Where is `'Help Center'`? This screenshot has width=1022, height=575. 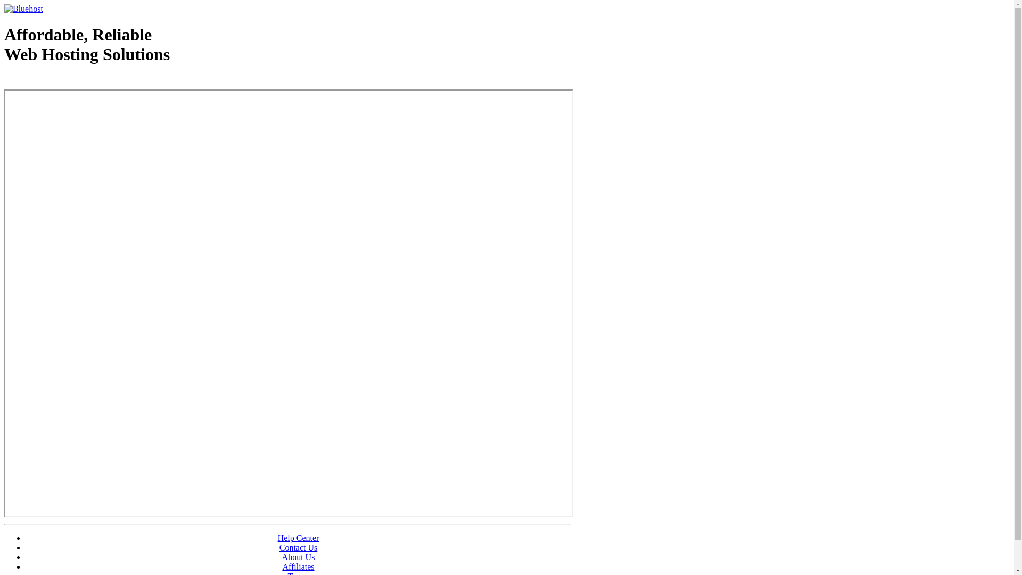 'Help Center' is located at coordinates (298, 538).